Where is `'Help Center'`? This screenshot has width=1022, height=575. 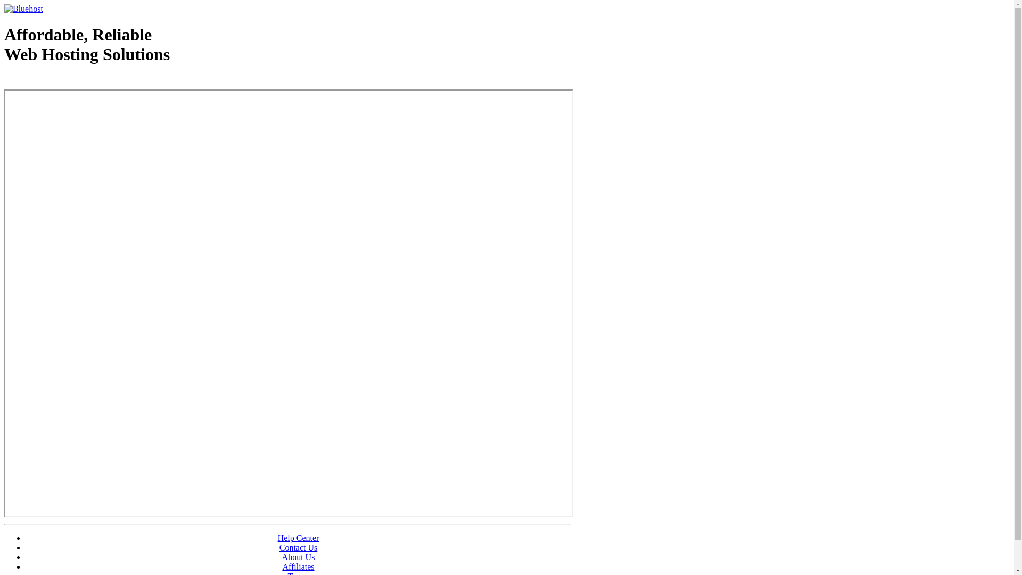 'Help Center' is located at coordinates (298, 538).